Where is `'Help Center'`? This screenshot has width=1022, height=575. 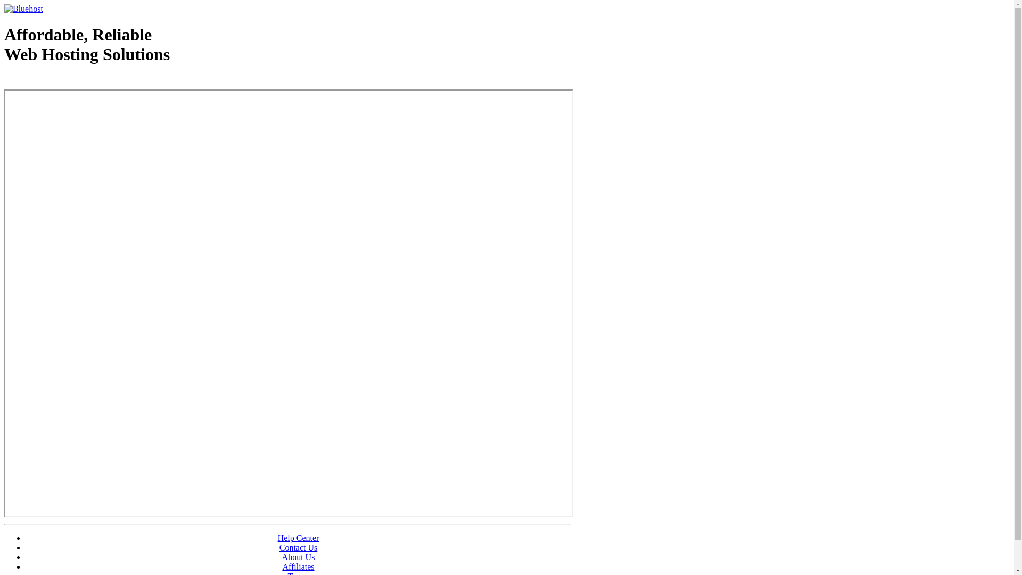 'Help Center' is located at coordinates (298, 538).